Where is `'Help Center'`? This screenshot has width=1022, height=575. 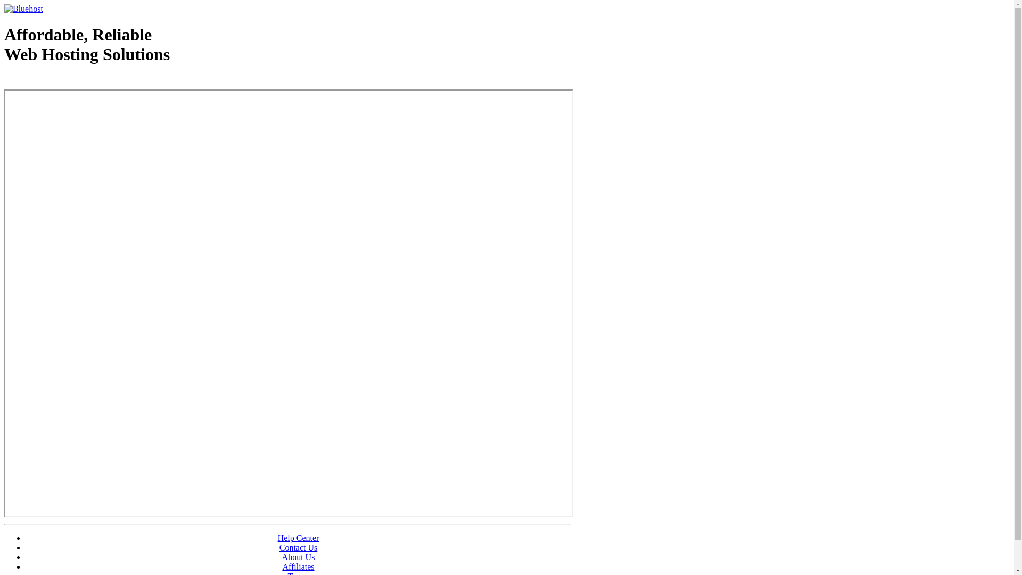 'Help Center' is located at coordinates (298, 538).